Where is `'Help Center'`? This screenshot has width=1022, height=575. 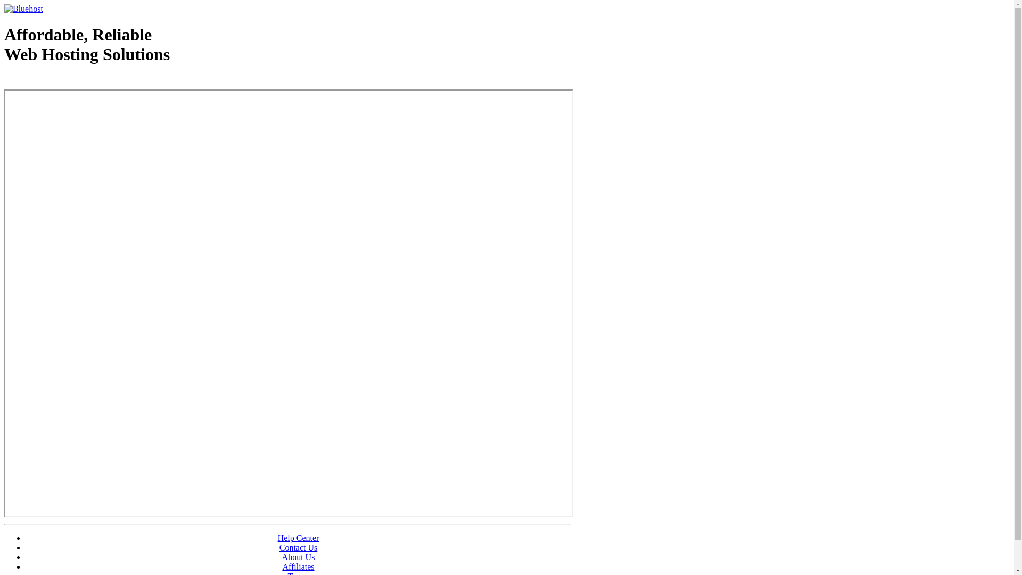 'Help Center' is located at coordinates (298, 538).